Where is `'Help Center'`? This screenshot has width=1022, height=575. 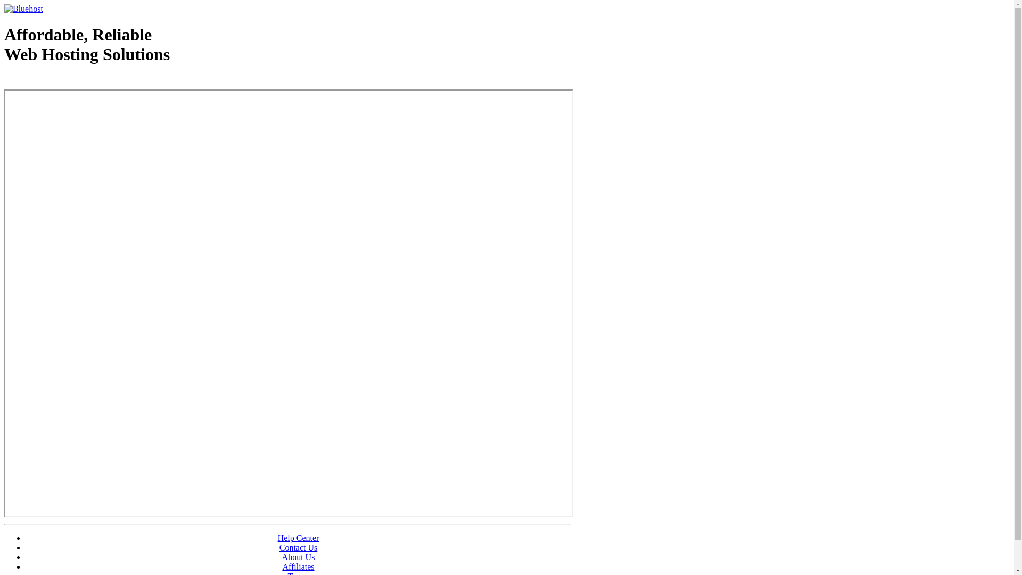 'Help Center' is located at coordinates (298, 538).